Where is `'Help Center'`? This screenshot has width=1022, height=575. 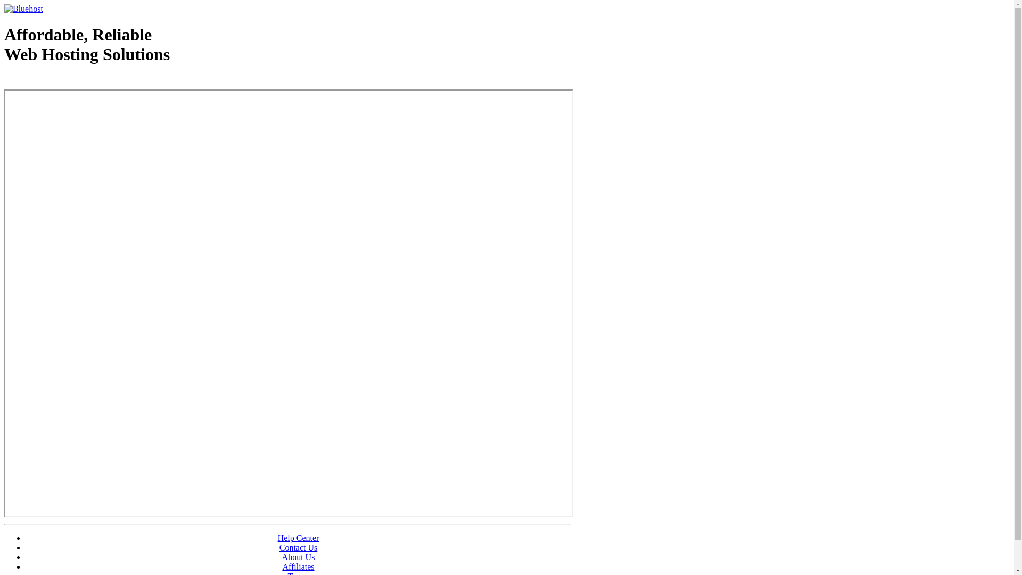 'Help Center' is located at coordinates (298, 538).